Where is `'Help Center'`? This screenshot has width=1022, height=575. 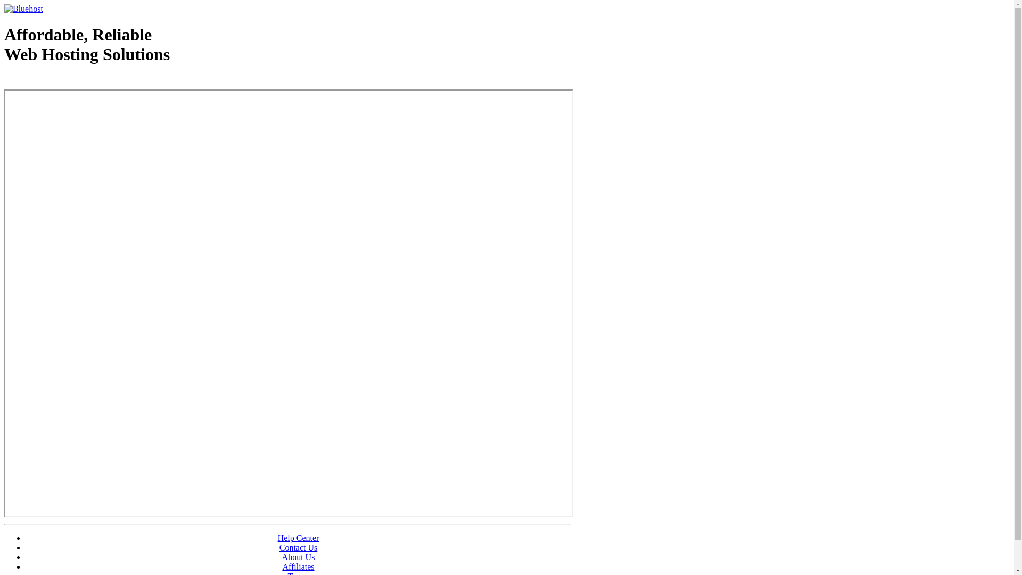 'Help Center' is located at coordinates (298, 538).